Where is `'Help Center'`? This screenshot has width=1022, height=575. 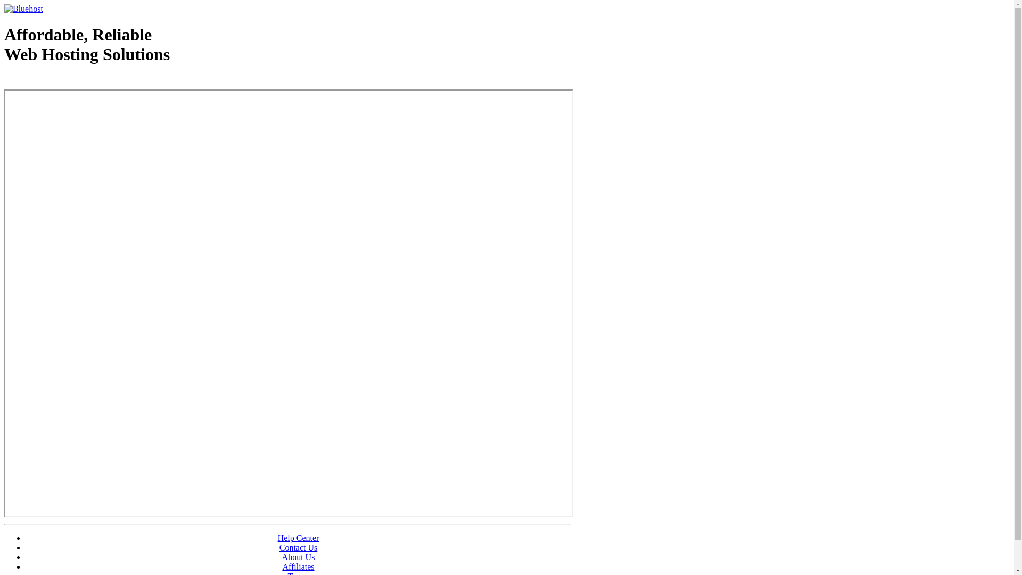 'Help Center' is located at coordinates (298, 538).